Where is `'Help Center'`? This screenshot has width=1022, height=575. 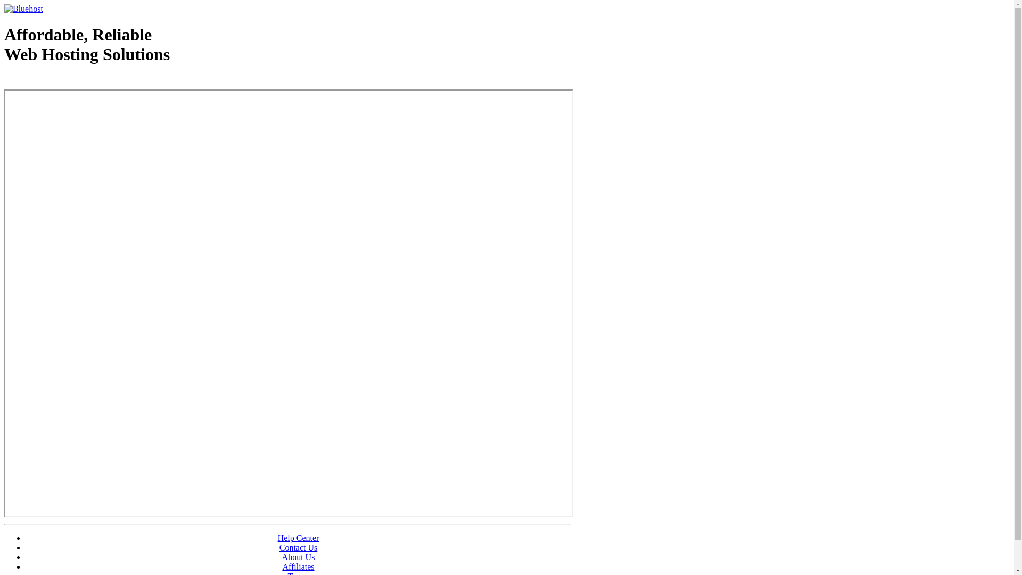 'Help Center' is located at coordinates (298, 538).